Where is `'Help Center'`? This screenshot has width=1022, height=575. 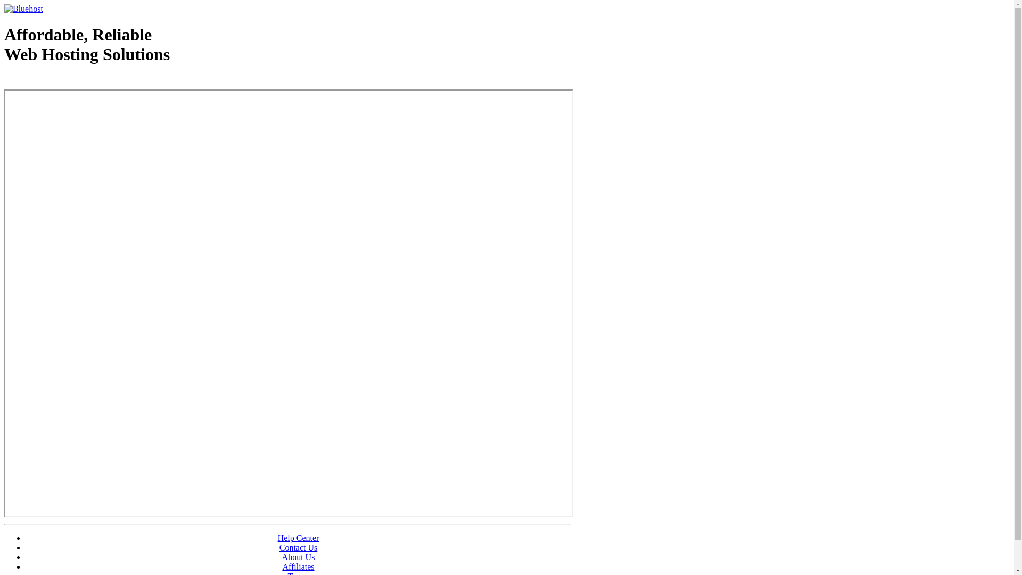 'Help Center' is located at coordinates (298, 538).